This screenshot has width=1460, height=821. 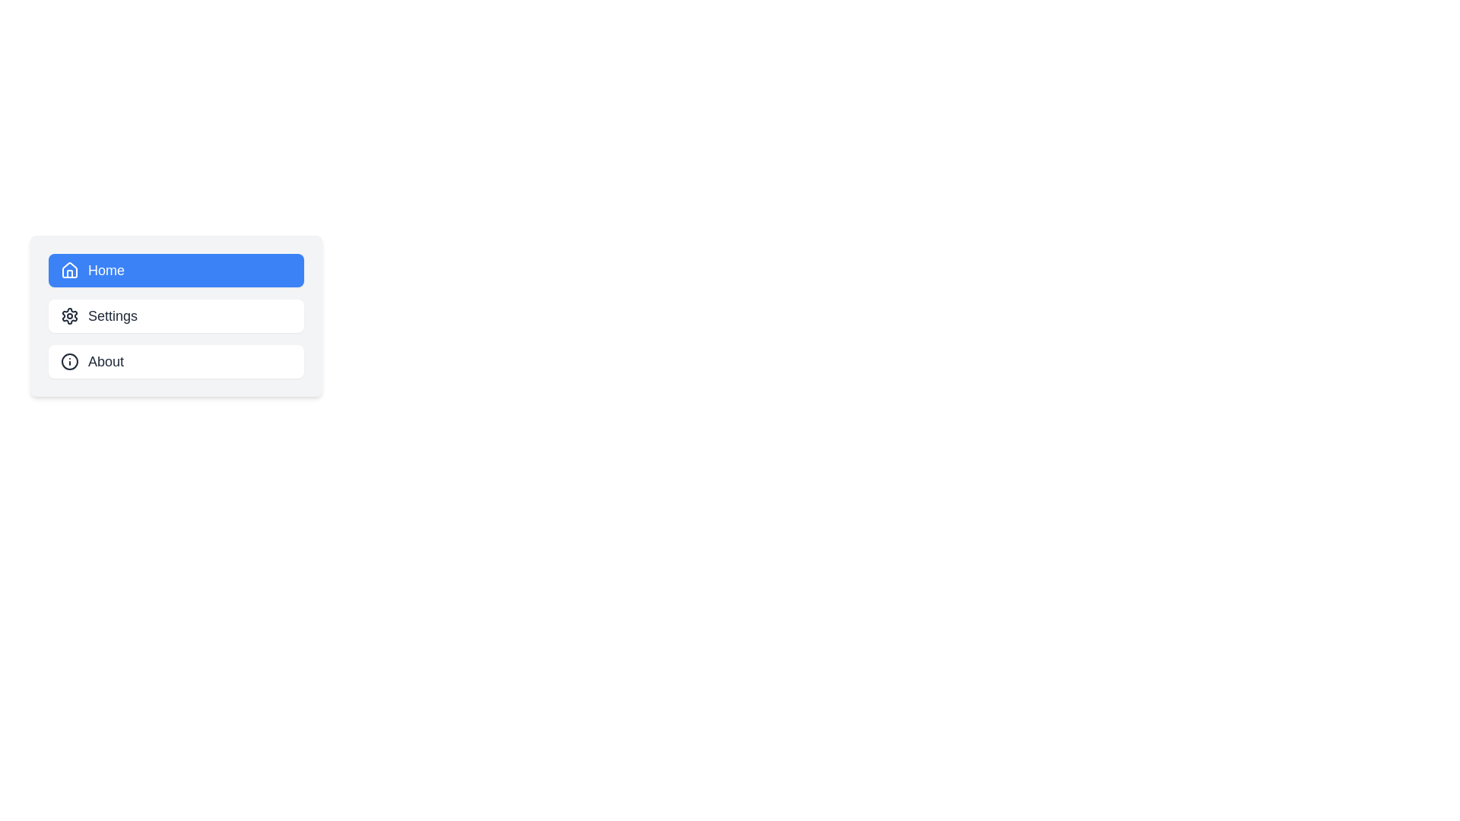 What do you see at coordinates (112, 315) in the screenshot?
I see `the 'Settings' label in the vertical navigation menu, which is positioned to the right of the cogwheel icon and follows the 'Home' label` at bounding box center [112, 315].